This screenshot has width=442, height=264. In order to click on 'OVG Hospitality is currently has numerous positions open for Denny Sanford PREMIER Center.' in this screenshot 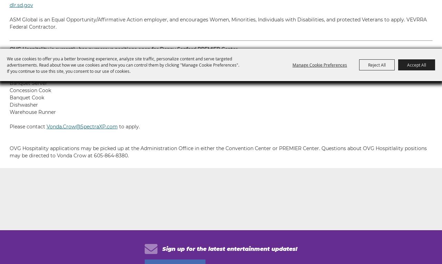, I will do `click(124, 49)`.